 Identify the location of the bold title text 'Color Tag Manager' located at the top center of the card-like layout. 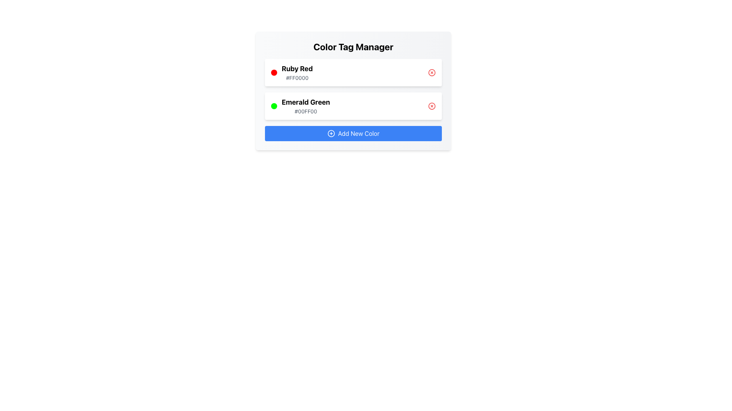
(353, 47).